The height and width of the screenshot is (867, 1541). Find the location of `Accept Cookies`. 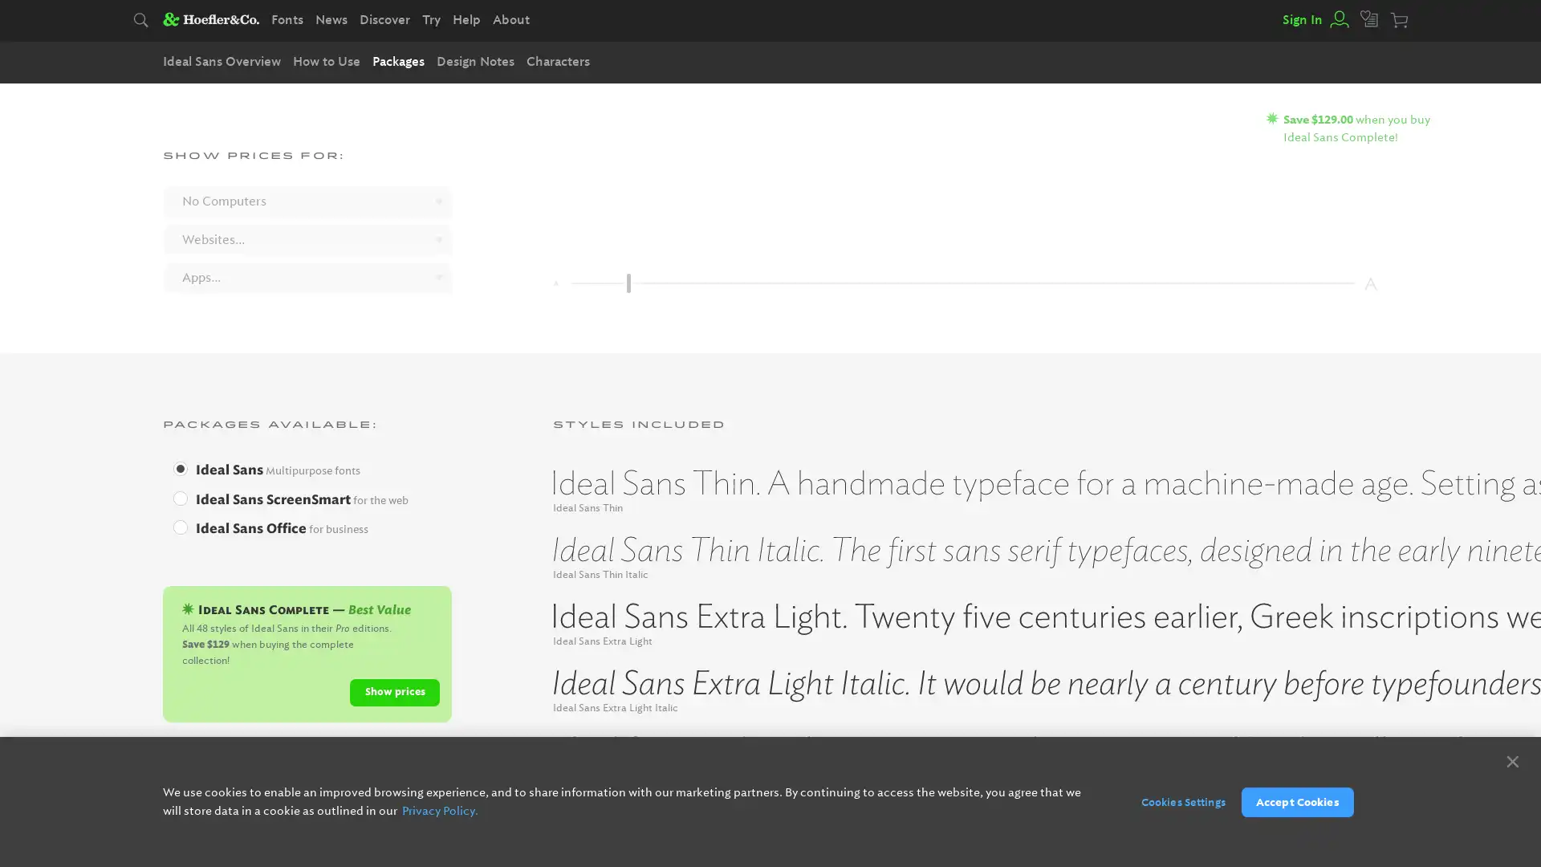

Accept Cookies is located at coordinates (1297, 801).